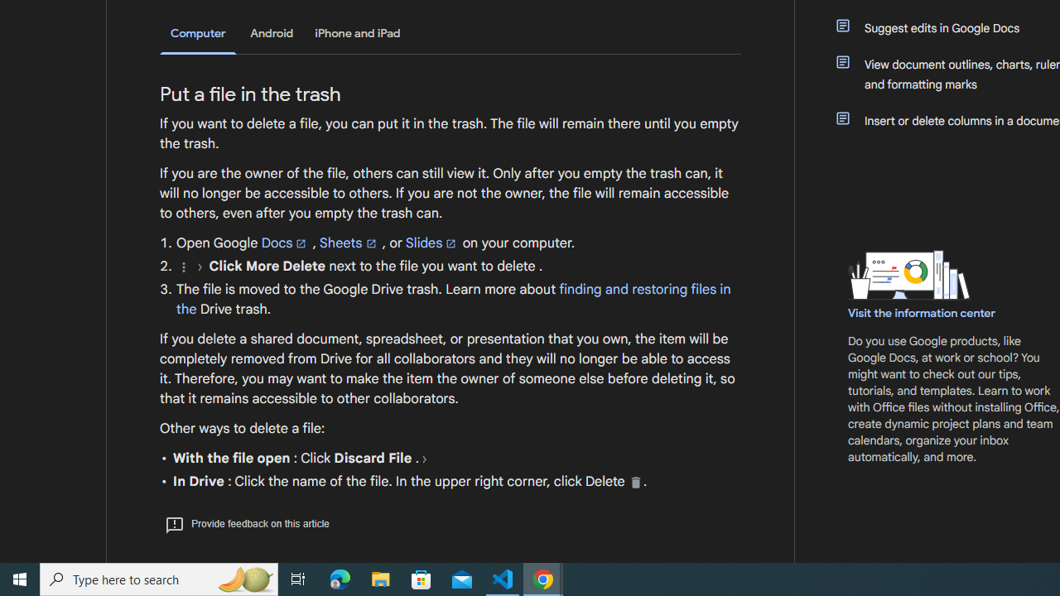 This screenshot has width=1060, height=596. What do you see at coordinates (921, 313) in the screenshot?
I see `'Visit the information center'` at bounding box center [921, 313].